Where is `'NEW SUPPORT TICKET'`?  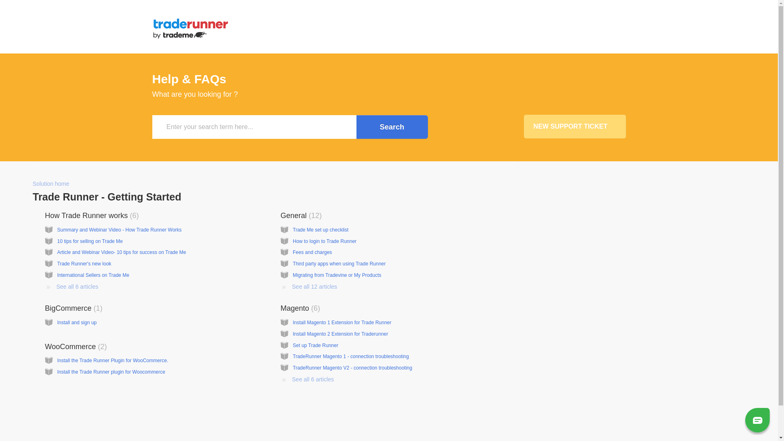
'NEW SUPPORT TICKET' is located at coordinates (574, 126).